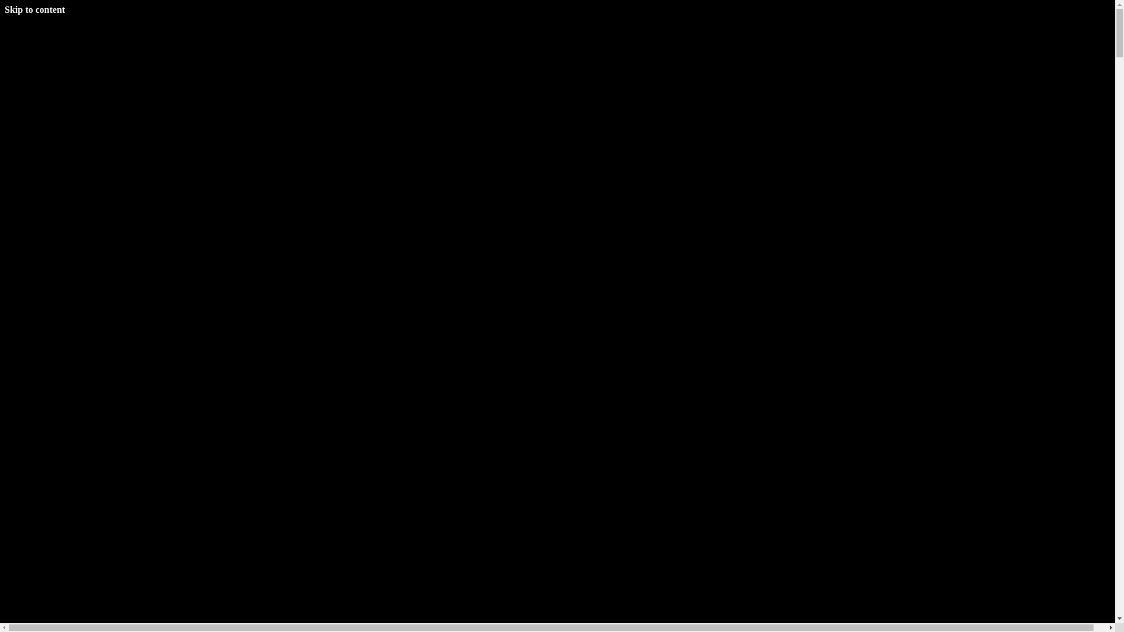 This screenshot has height=632, width=1124. What do you see at coordinates (35, 9) in the screenshot?
I see `'Skip to content'` at bounding box center [35, 9].